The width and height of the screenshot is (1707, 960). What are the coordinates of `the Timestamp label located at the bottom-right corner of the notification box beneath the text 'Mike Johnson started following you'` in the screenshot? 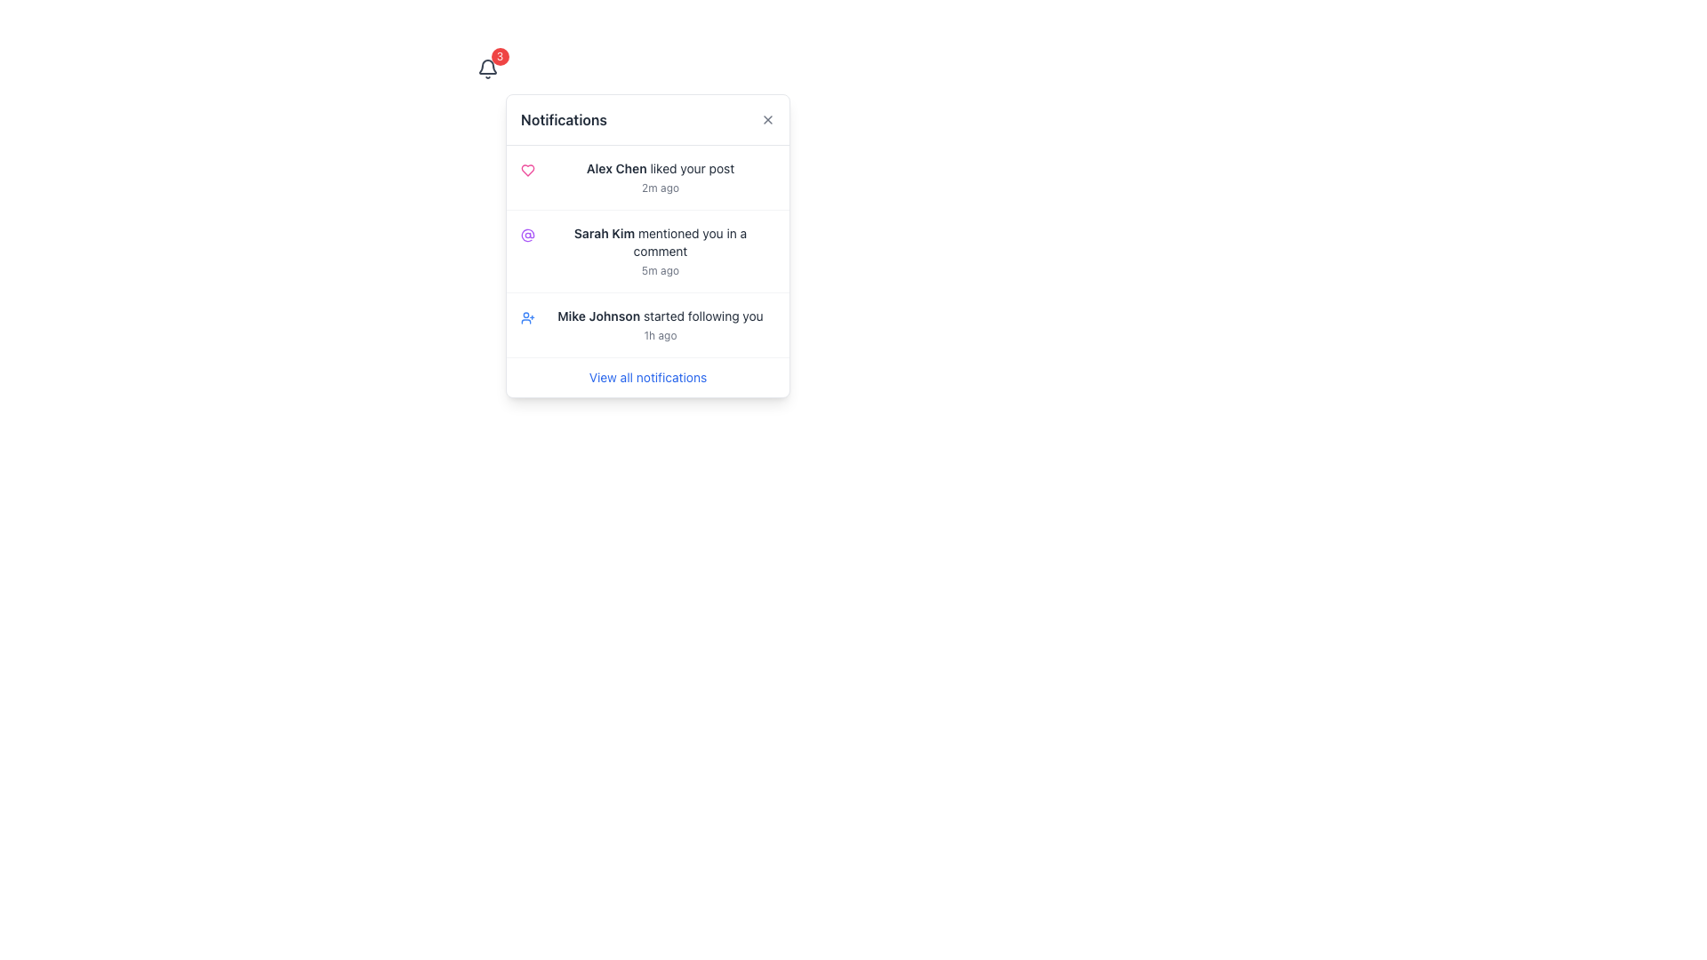 It's located at (660, 336).